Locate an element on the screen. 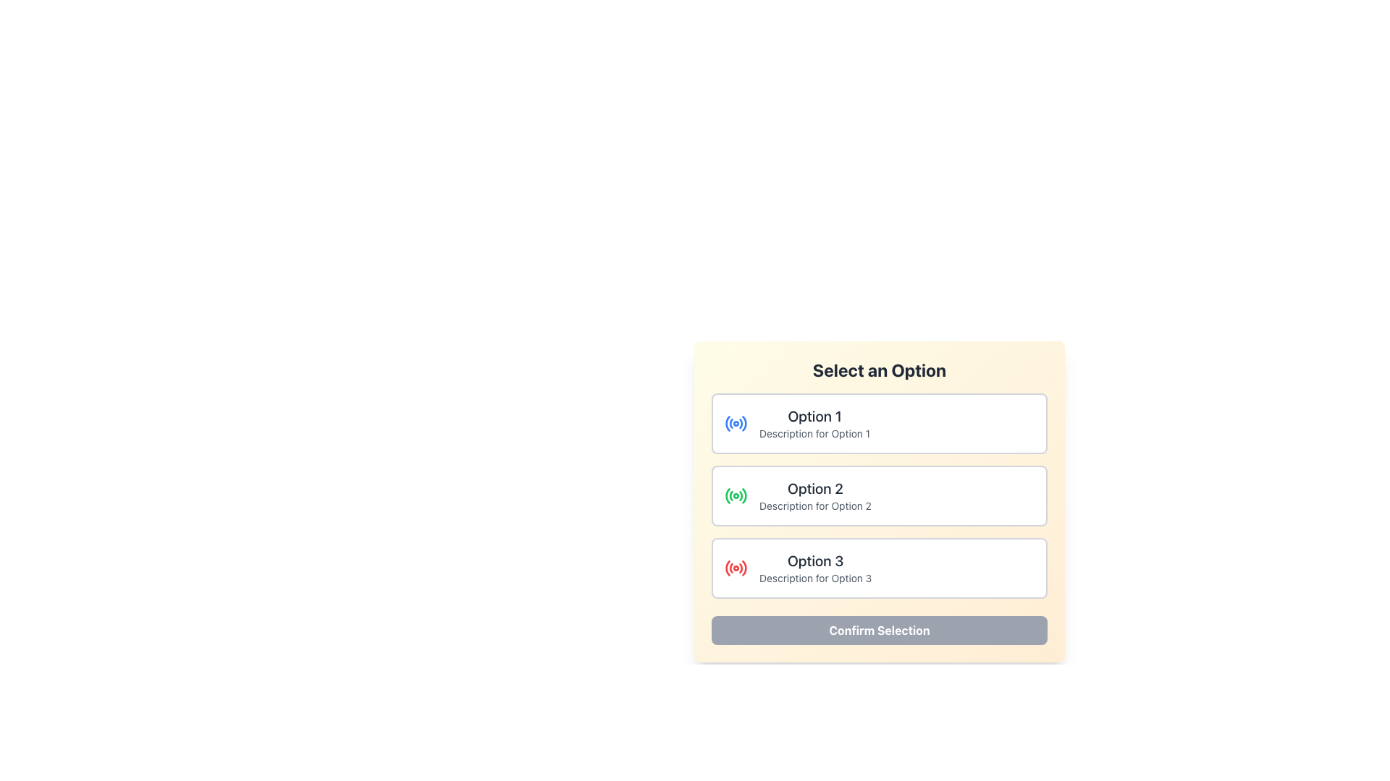 The height and width of the screenshot is (781, 1390). descriptions of the selectable options located in the option group positioned below the title 'Select an Option' and above the 'Confirm Selection' button is located at coordinates (878, 495).